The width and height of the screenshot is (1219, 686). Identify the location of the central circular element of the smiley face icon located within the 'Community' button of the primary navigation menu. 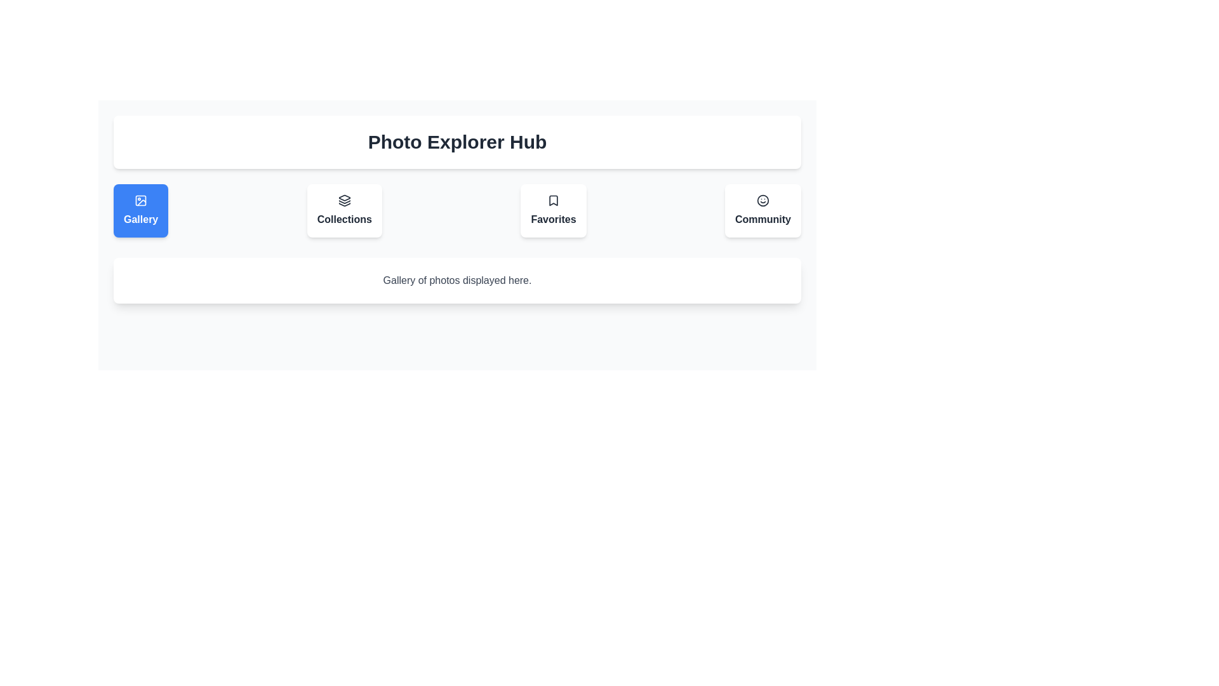
(762, 200).